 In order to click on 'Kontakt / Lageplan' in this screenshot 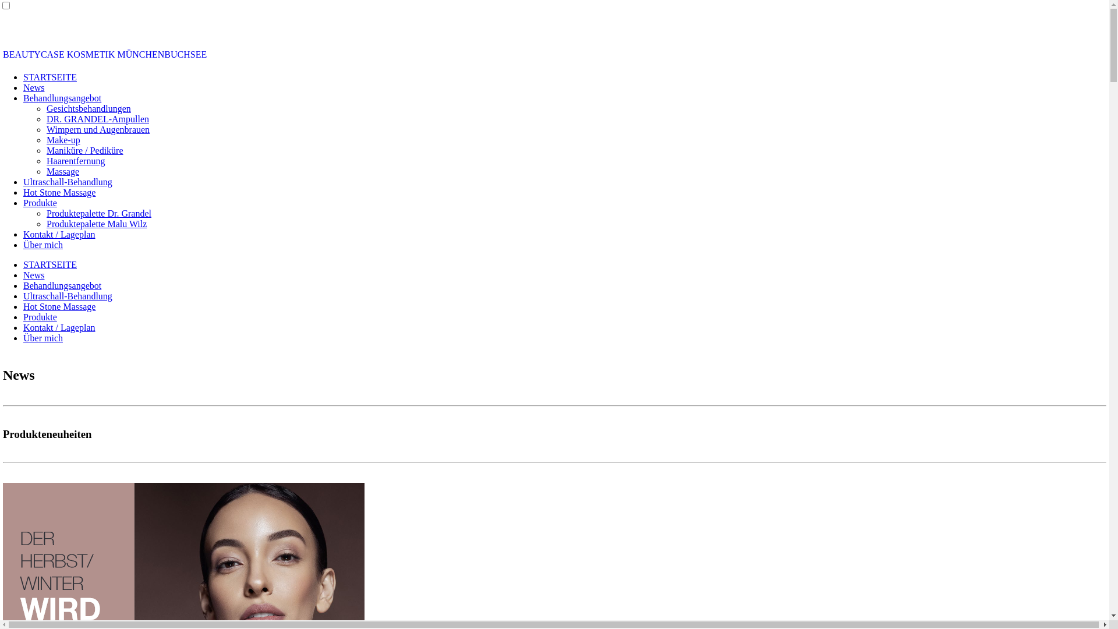, I will do `click(58, 327)`.